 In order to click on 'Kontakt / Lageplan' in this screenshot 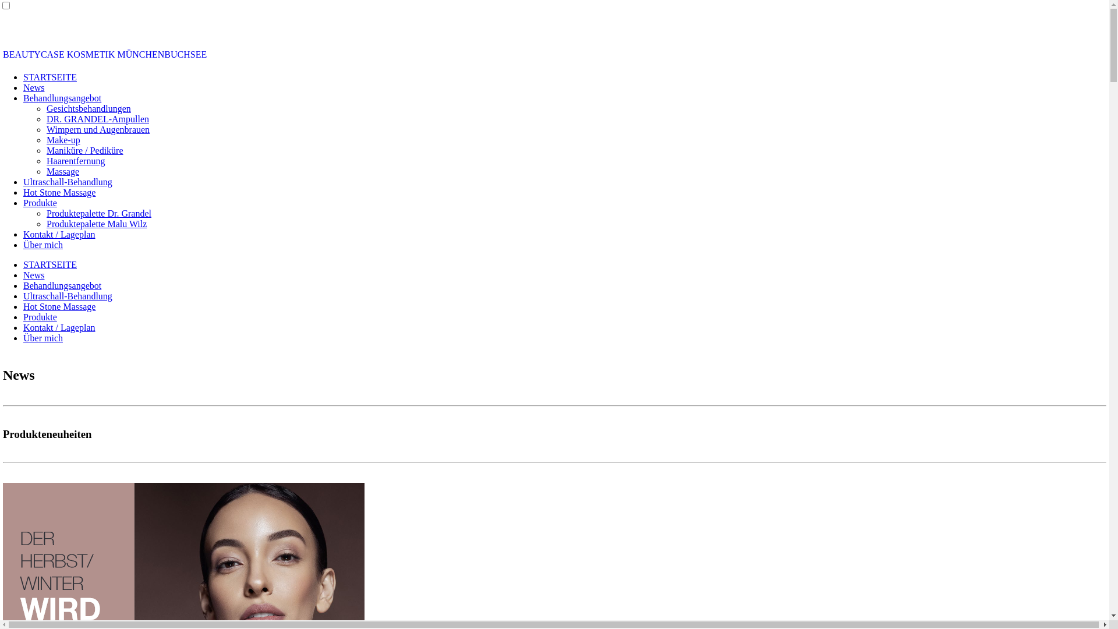, I will do `click(58, 327)`.